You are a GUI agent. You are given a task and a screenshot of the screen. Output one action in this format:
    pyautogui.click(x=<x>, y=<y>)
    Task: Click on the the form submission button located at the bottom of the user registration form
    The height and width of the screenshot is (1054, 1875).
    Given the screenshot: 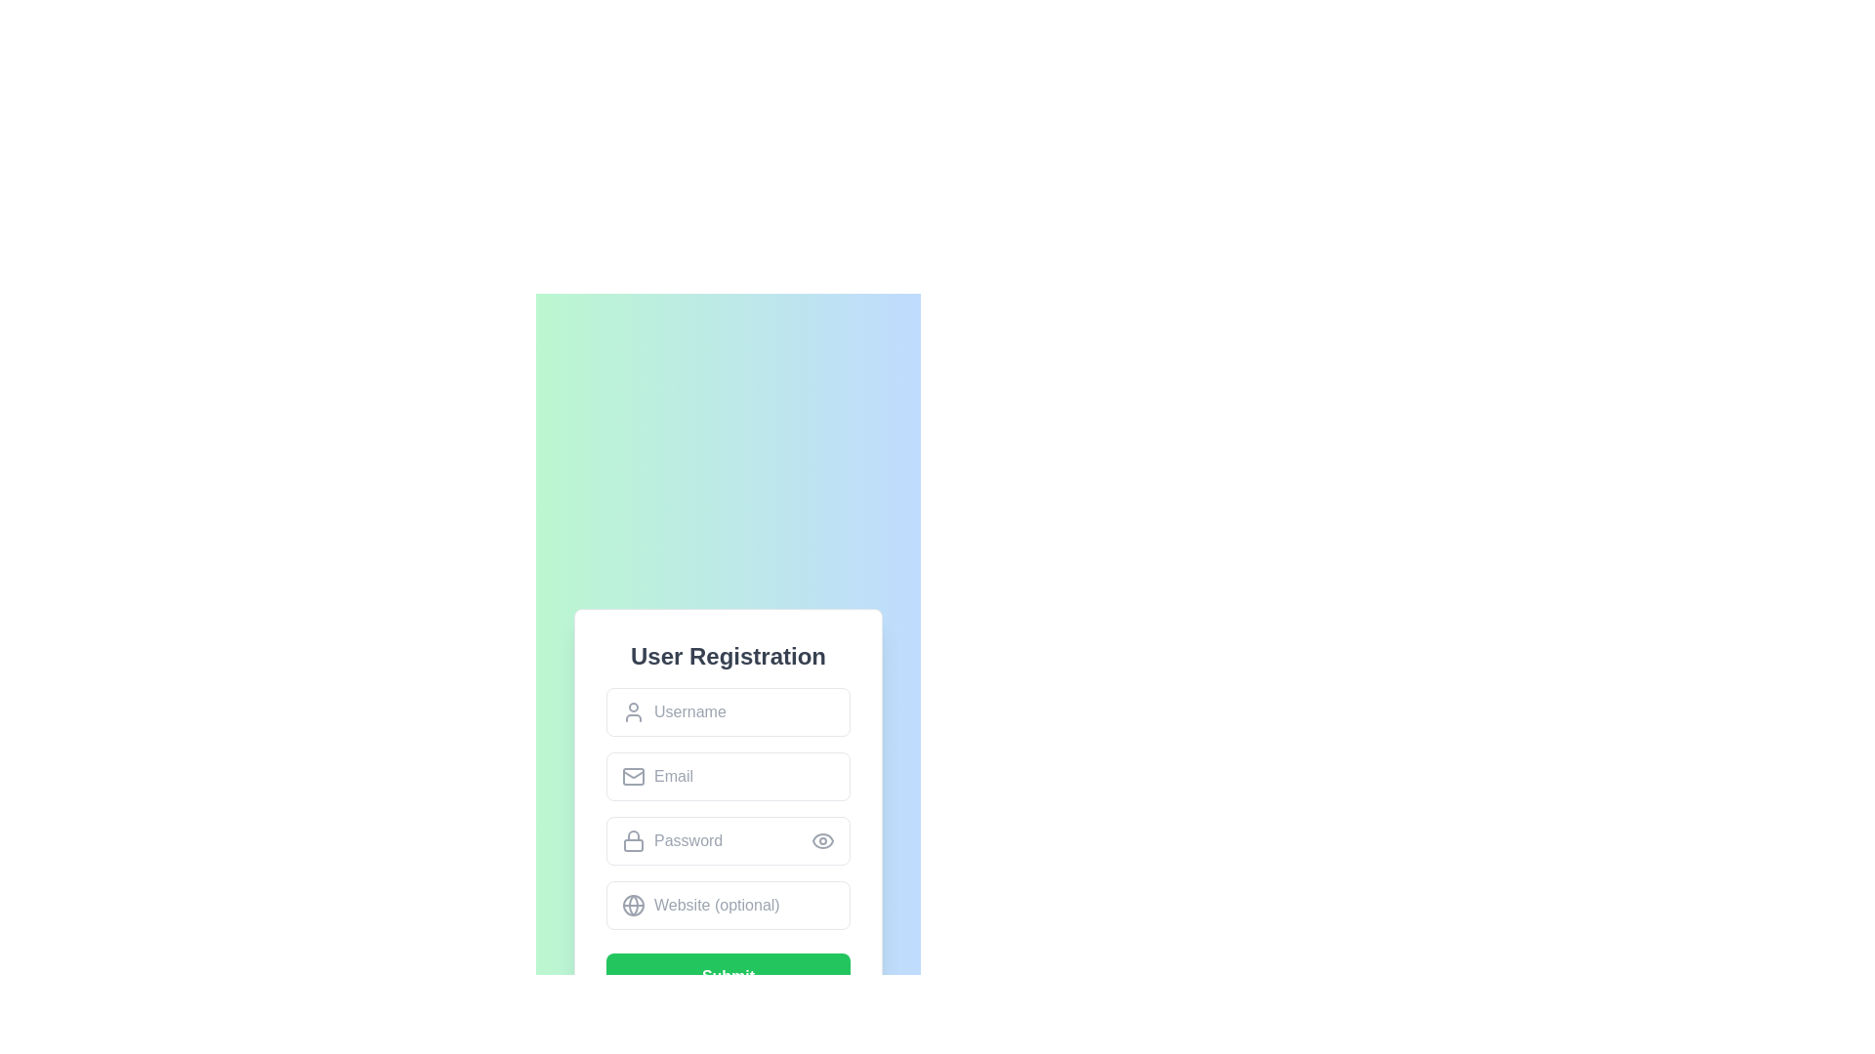 What is the action you would take?
    pyautogui.click(x=727, y=977)
    